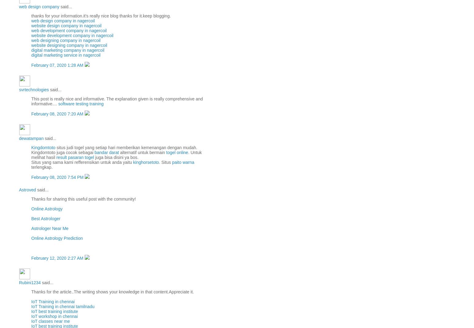 The image size is (474, 328). What do you see at coordinates (63, 21) in the screenshot?
I see `'web design company in nagercoil'` at bounding box center [63, 21].